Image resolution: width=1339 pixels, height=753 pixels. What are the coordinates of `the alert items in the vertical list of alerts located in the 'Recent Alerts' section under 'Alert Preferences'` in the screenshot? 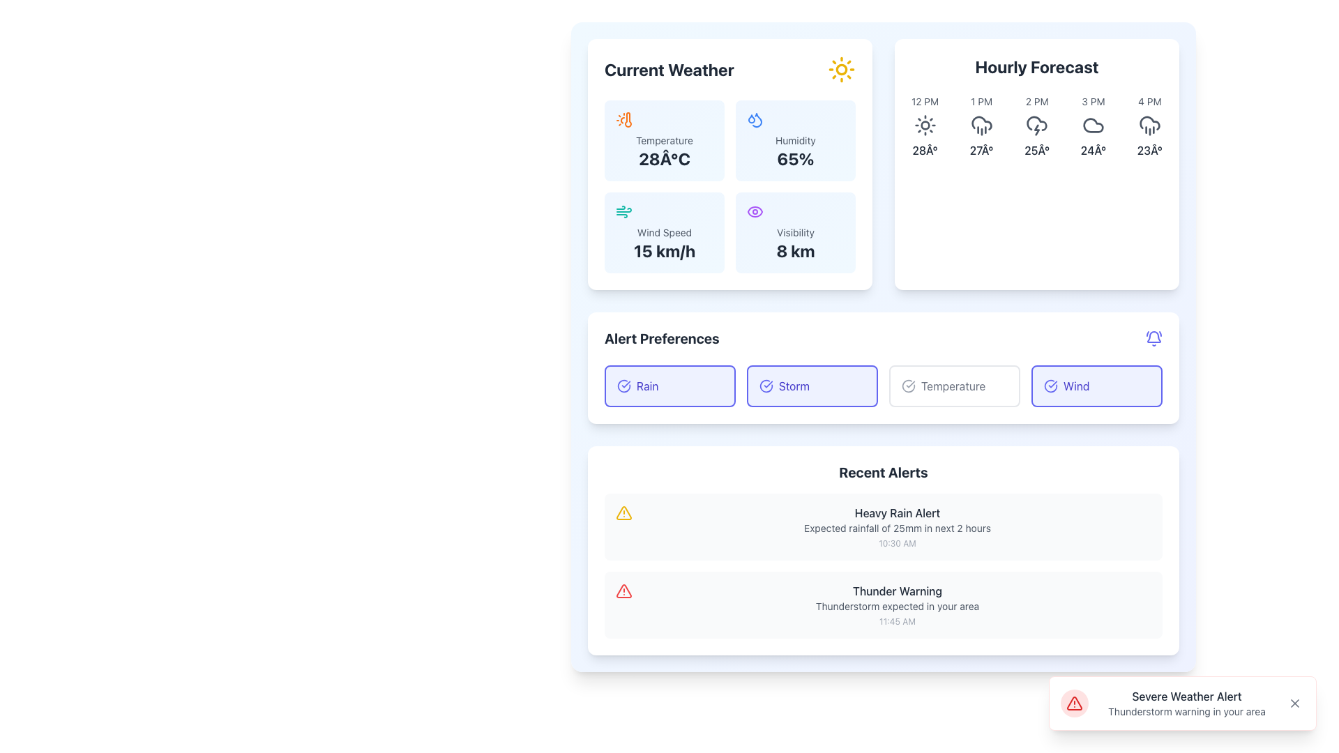 It's located at (883, 566).